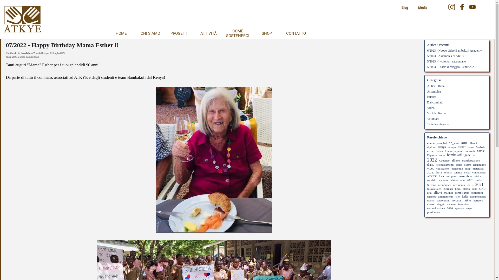 Image resolution: width=499 pixels, height=280 pixels. I want to click on 'Bilanci', so click(432, 97).